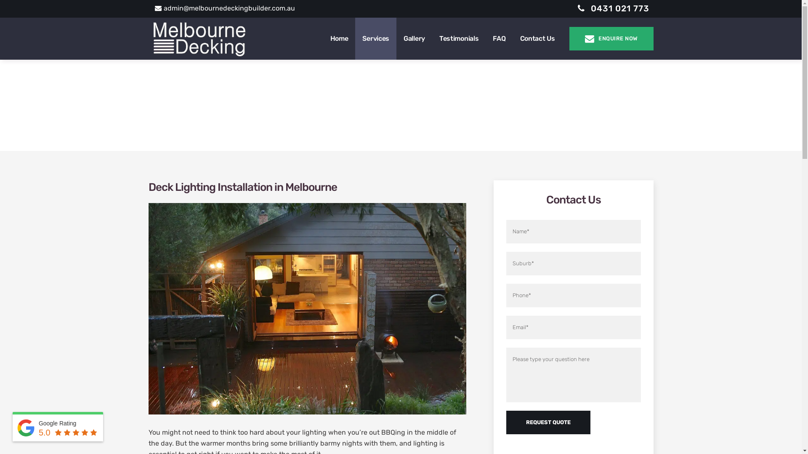 This screenshot has width=808, height=454. Describe the element at coordinates (339, 39) in the screenshot. I see `'Home'` at that location.